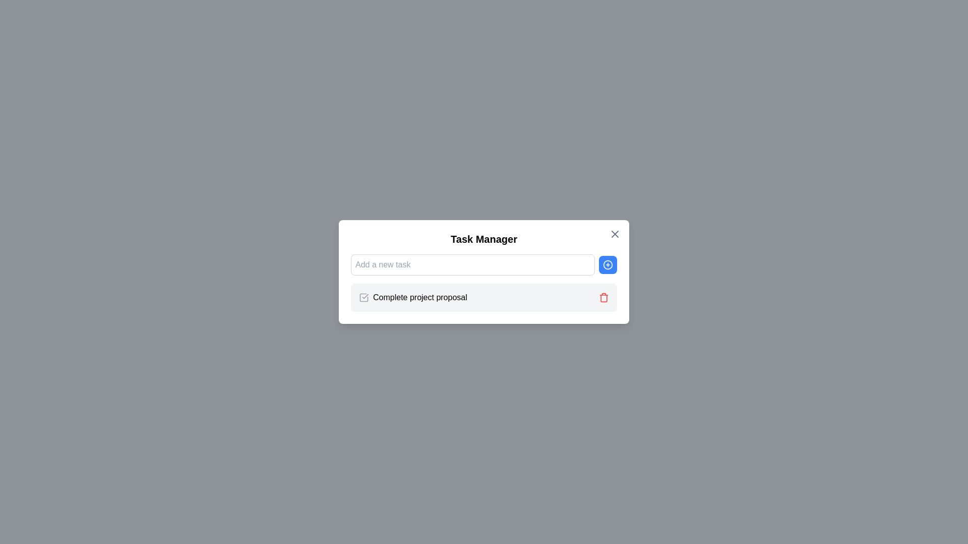 Image resolution: width=968 pixels, height=544 pixels. What do you see at coordinates (363, 297) in the screenshot?
I see `the checkbox indicating the completion status of the task 'Complete project proposal'` at bounding box center [363, 297].